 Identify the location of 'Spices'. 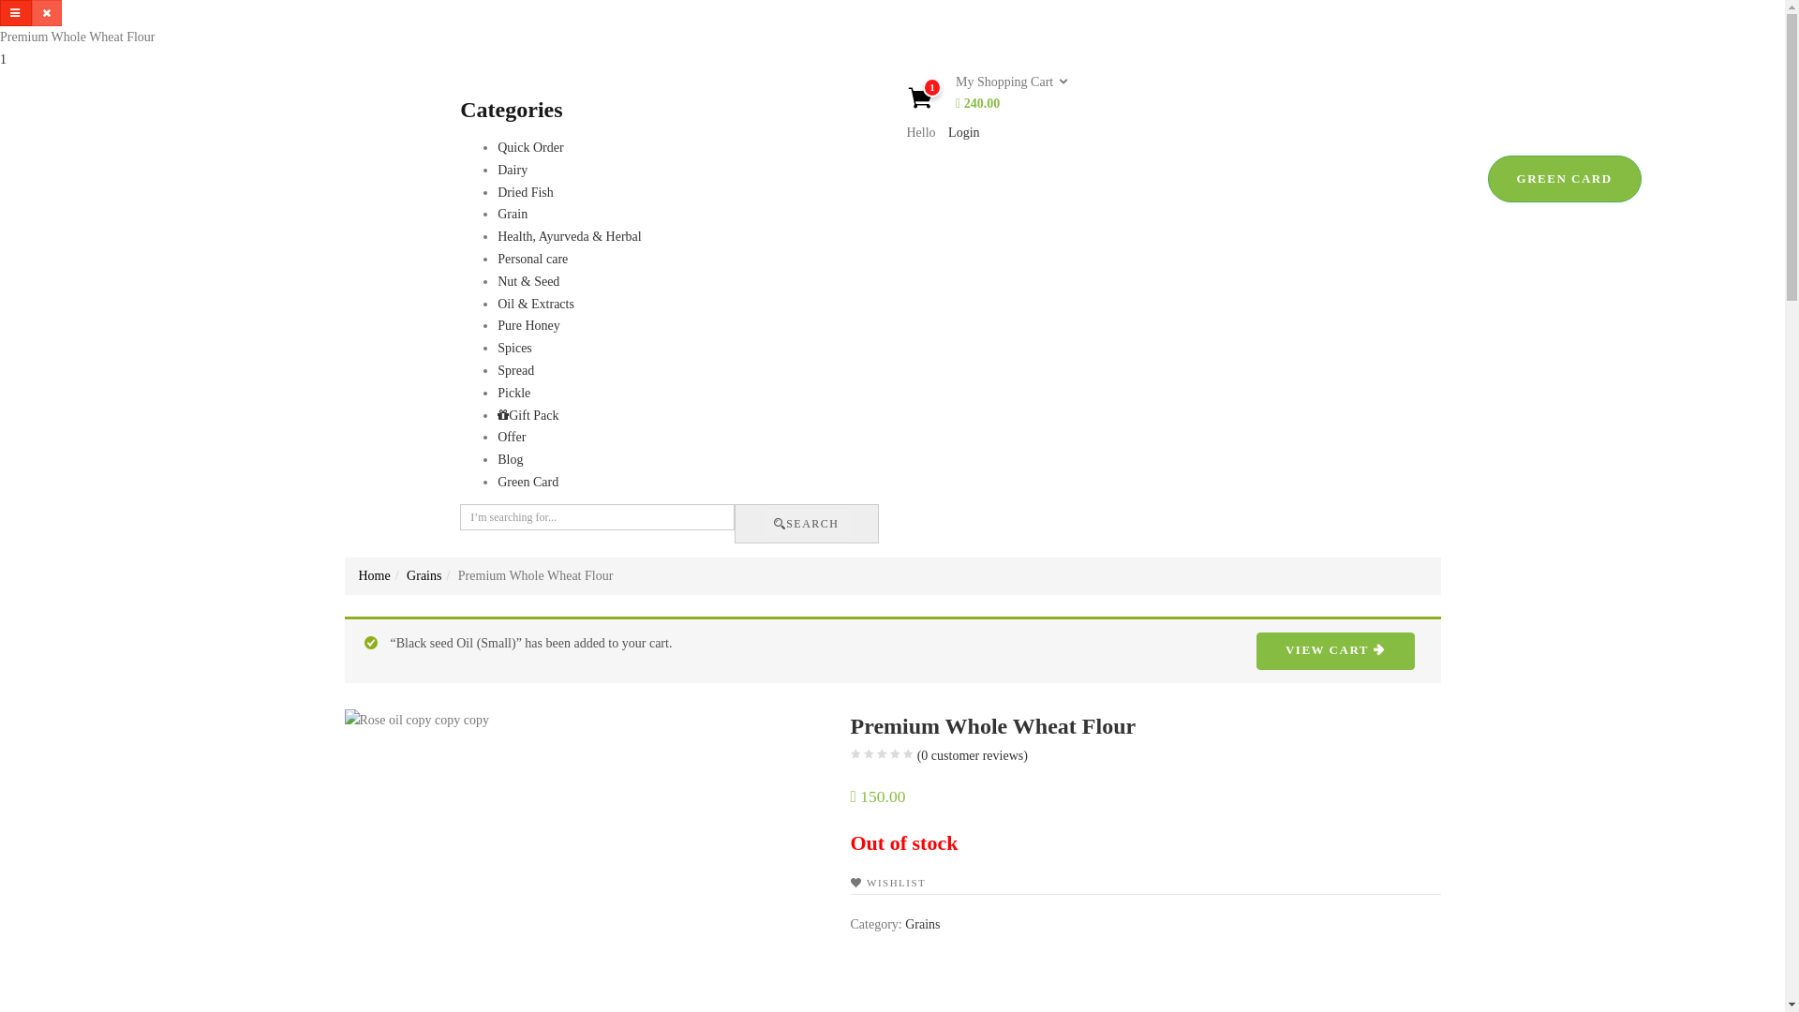
(514, 348).